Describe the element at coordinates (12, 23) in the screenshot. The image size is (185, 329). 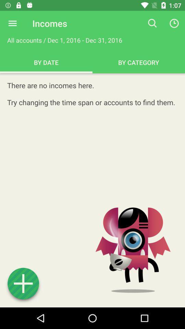
I see `the app above the all accounts dec` at that location.